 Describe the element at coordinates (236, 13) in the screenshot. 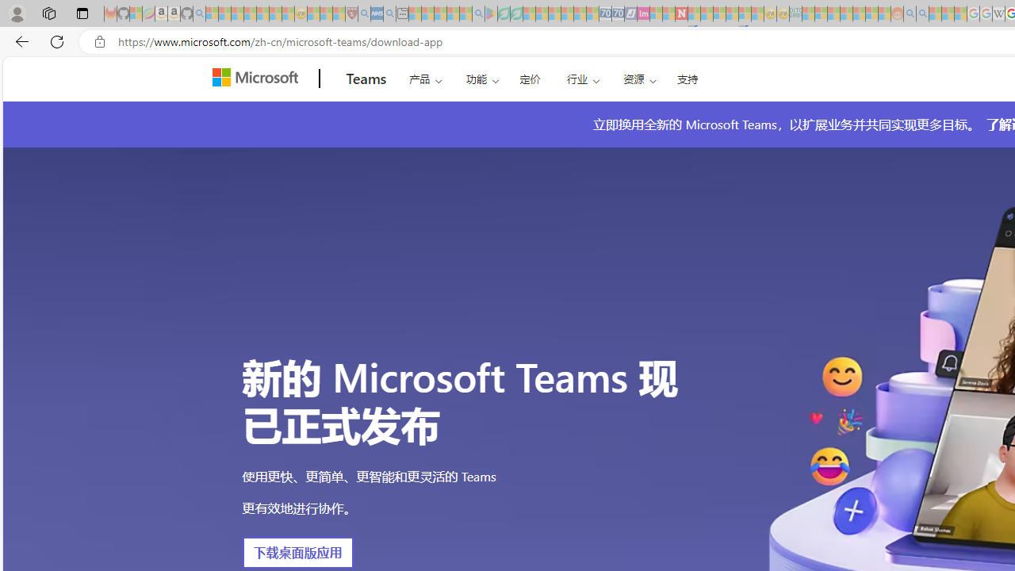

I see `'The Weather Channel - MSN - Sleeping'` at that location.